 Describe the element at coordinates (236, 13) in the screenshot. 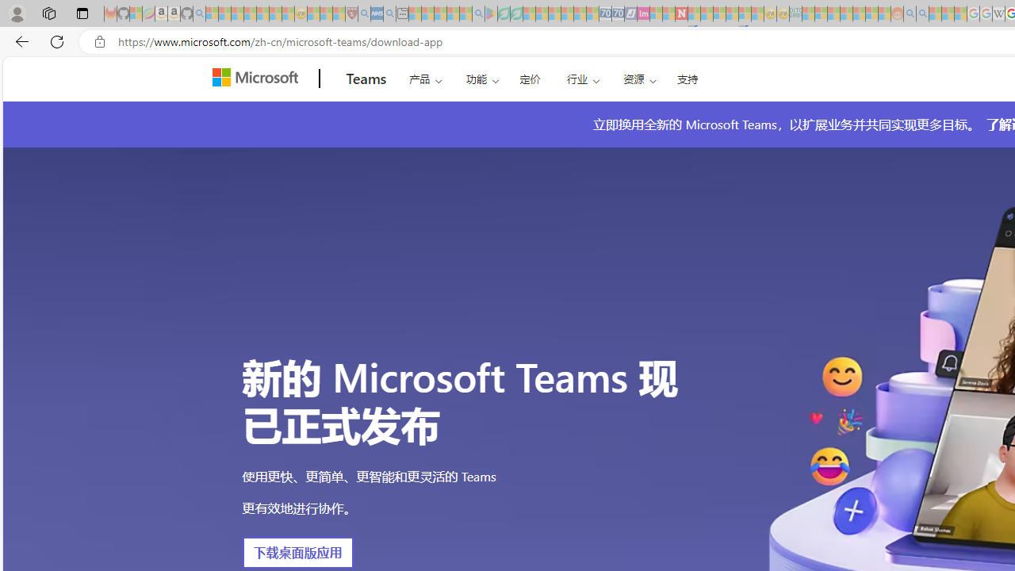

I see `'The Weather Channel - MSN - Sleeping'` at that location.